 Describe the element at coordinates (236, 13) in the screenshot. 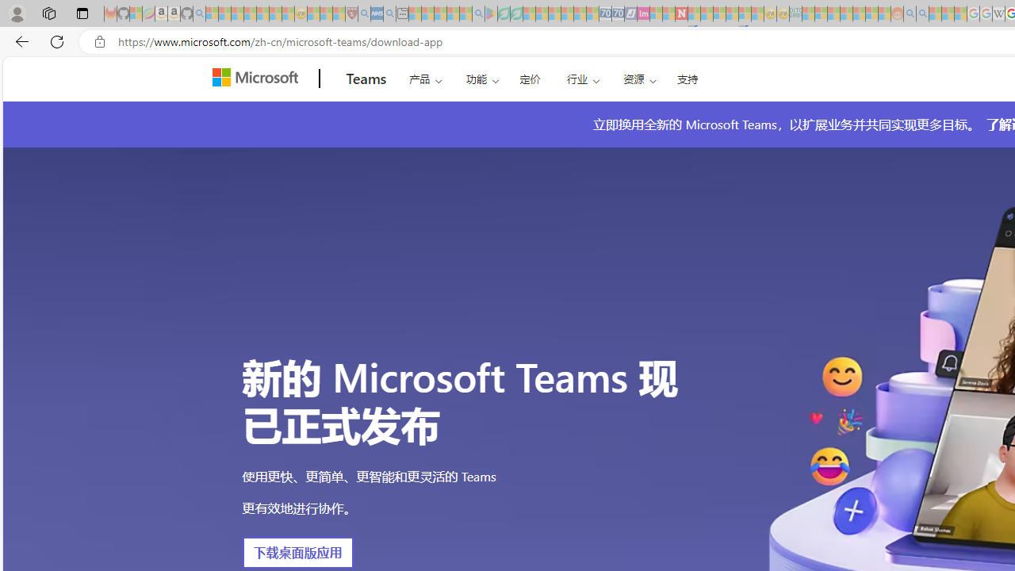

I see `'The Weather Channel - MSN - Sleeping'` at that location.